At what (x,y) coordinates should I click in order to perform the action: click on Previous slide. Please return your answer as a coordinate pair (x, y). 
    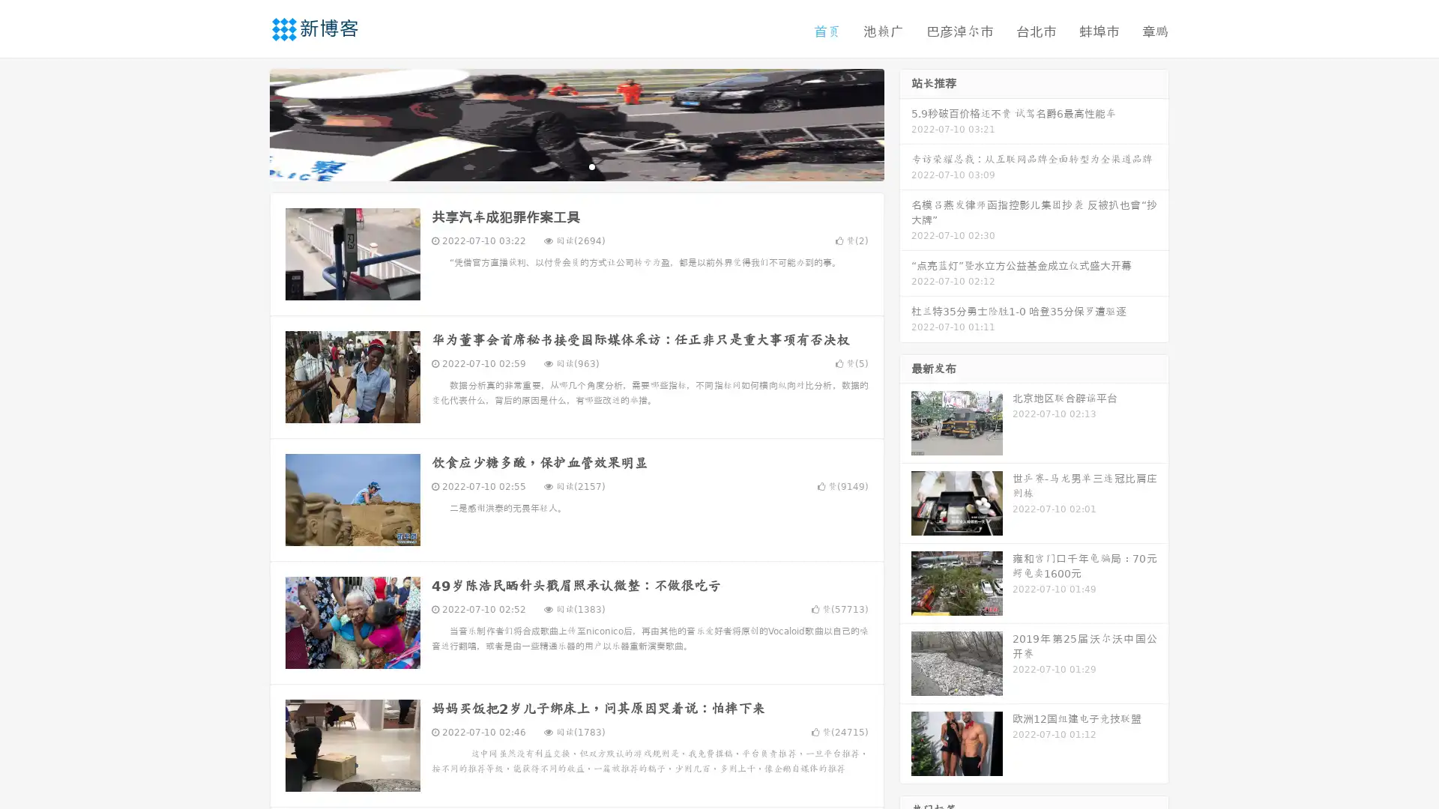
    Looking at the image, I should click on (247, 126).